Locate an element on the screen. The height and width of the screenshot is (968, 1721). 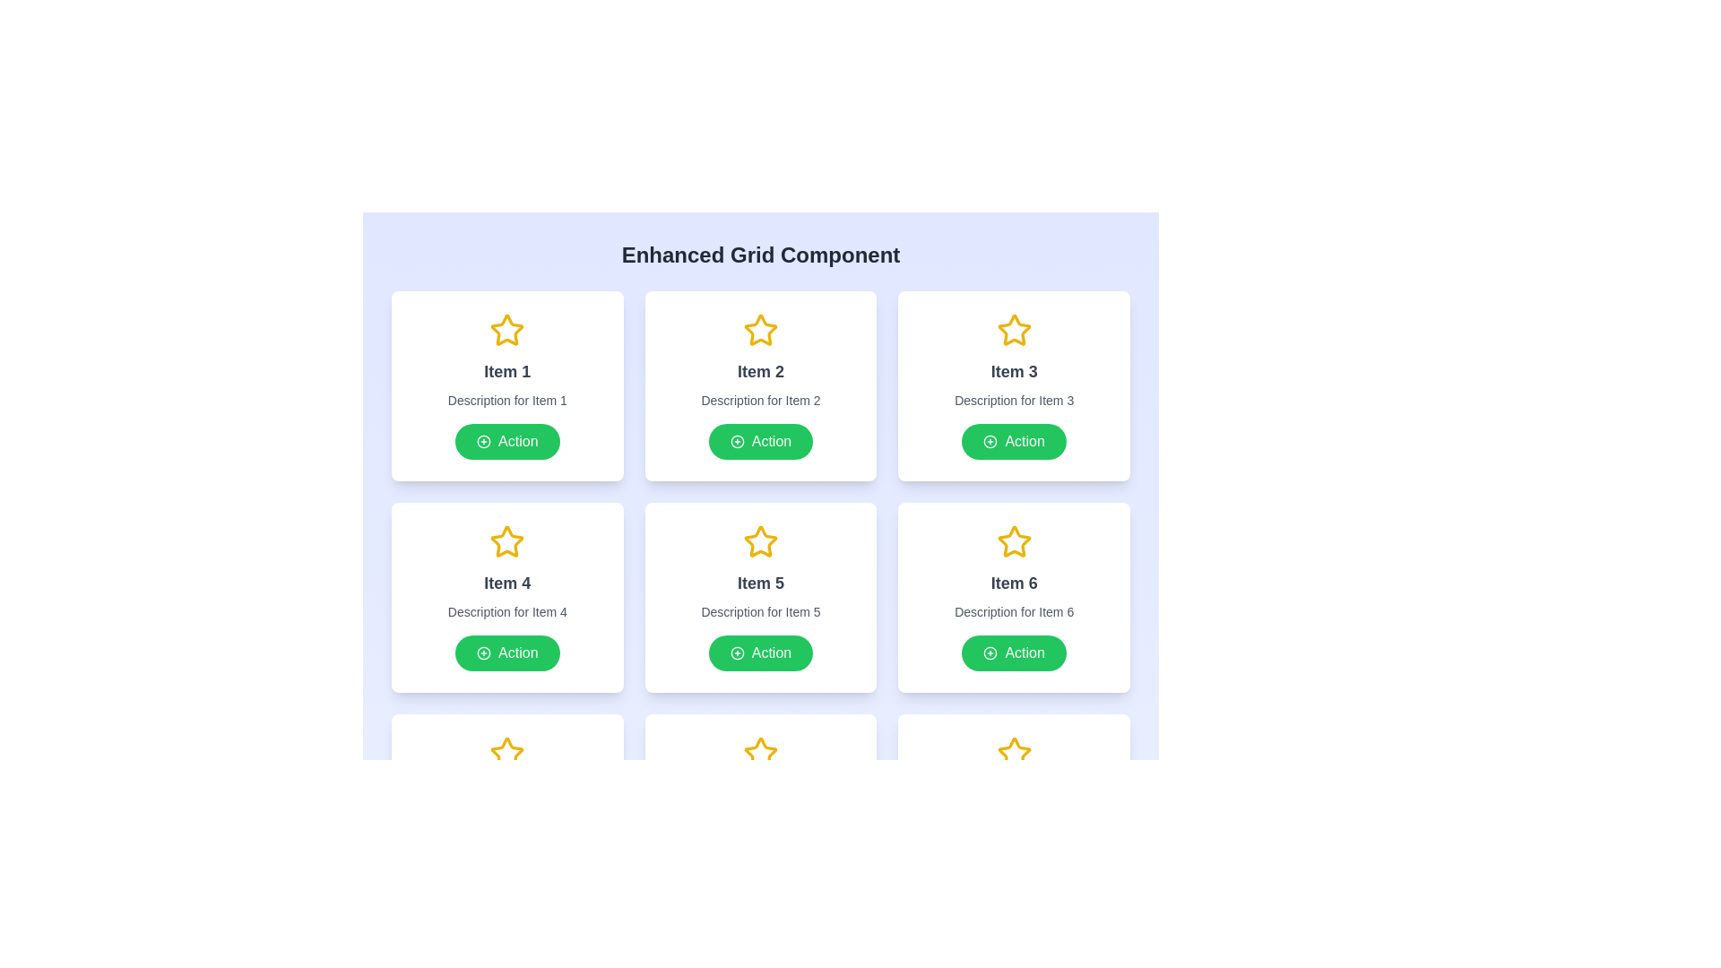
the green button with rounded corners and white text reading 'Action', located at the bottom of the card labeled 'Item 1' is located at coordinates (506, 442).